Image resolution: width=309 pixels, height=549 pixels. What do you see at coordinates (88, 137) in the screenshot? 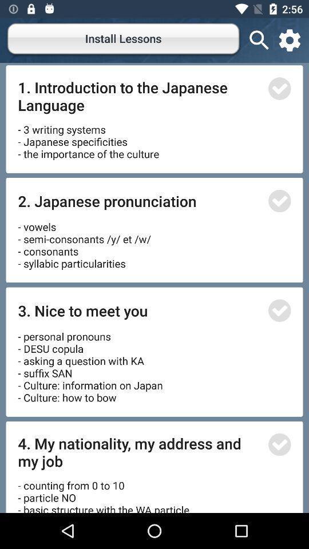
I see `the 3 writing systems` at bounding box center [88, 137].